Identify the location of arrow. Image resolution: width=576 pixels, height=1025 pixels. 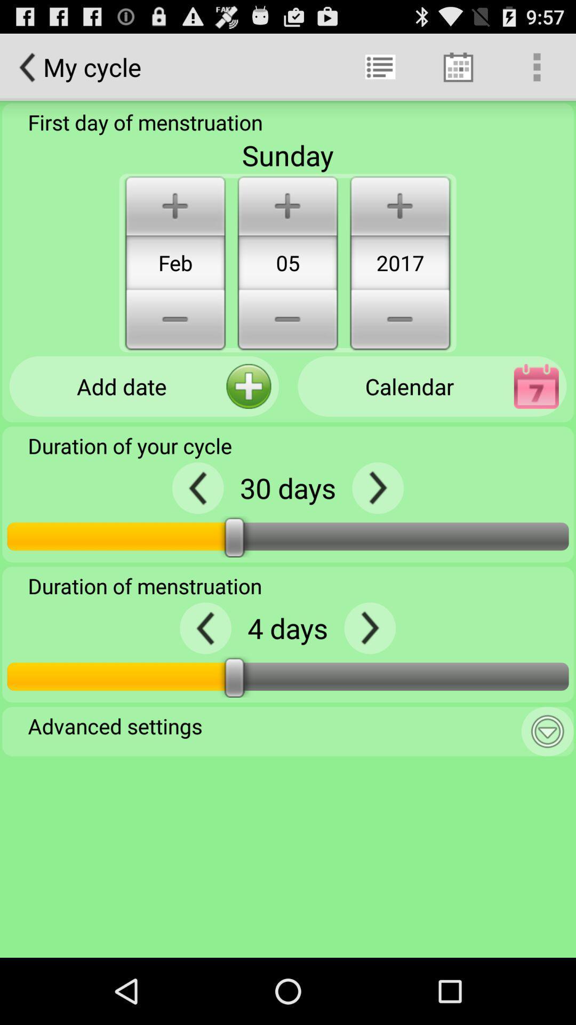
(377, 487).